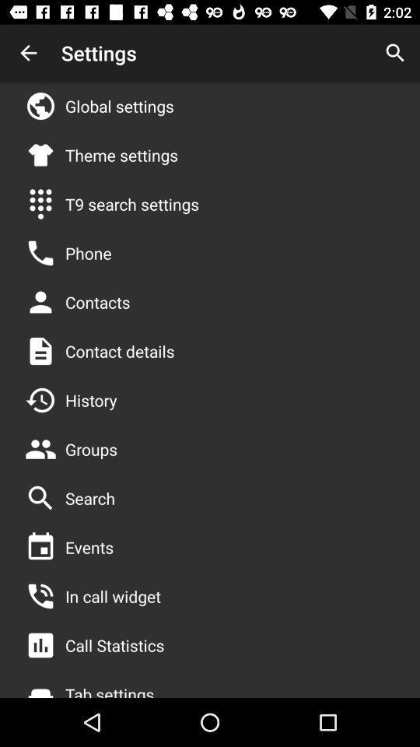 The width and height of the screenshot is (420, 747). Describe the element at coordinates (88, 253) in the screenshot. I see `app below t9 search settings` at that location.